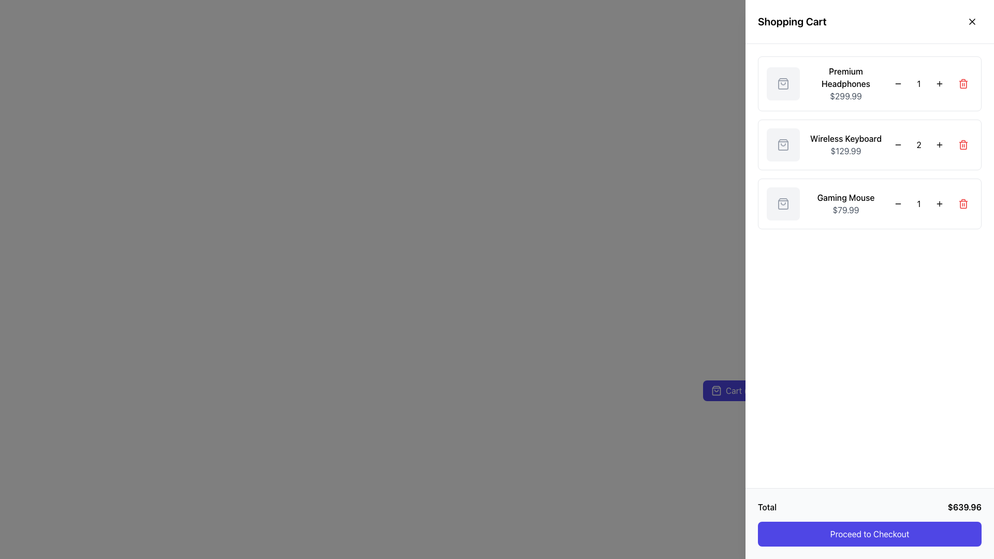 Image resolution: width=994 pixels, height=559 pixels. What do you see at coordinates (740, 391) in the screenshot?
I see `text displayed on the shopping cart's item count label located in the lower section of the right-hand shopping cart panel, positioned to the right of the shopping bag icon` at bounding box center [740, 391].